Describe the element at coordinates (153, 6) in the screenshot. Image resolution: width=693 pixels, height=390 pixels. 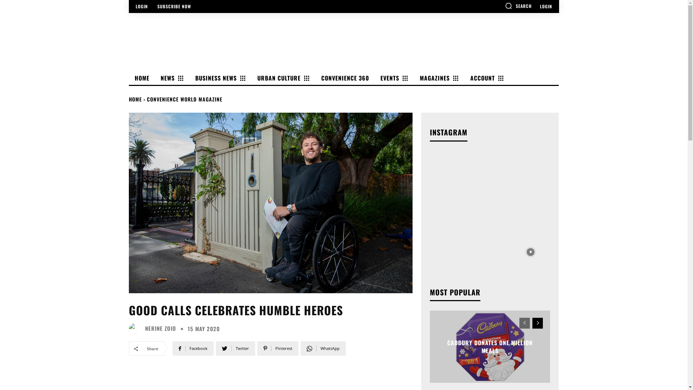
I see `'SUBSCRIBE NOW'` at that location.